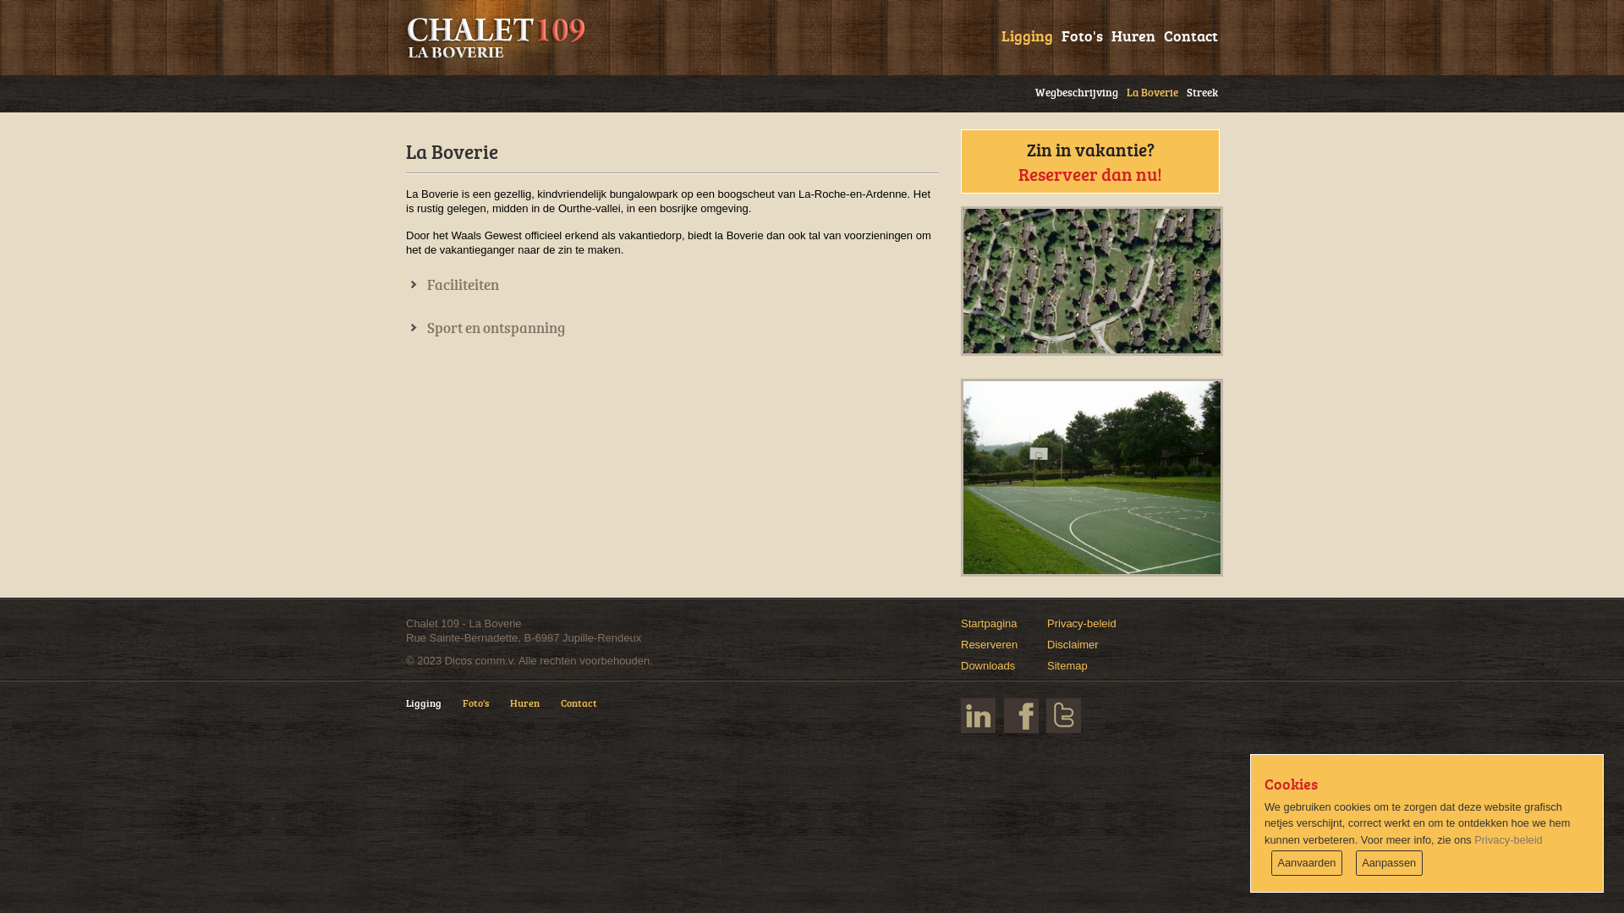 This screenshot has height=913, width=1624. Describe the element at coordinates (961, 715) in the screenshot. I see `'deel op LinkedIn'` at that location.